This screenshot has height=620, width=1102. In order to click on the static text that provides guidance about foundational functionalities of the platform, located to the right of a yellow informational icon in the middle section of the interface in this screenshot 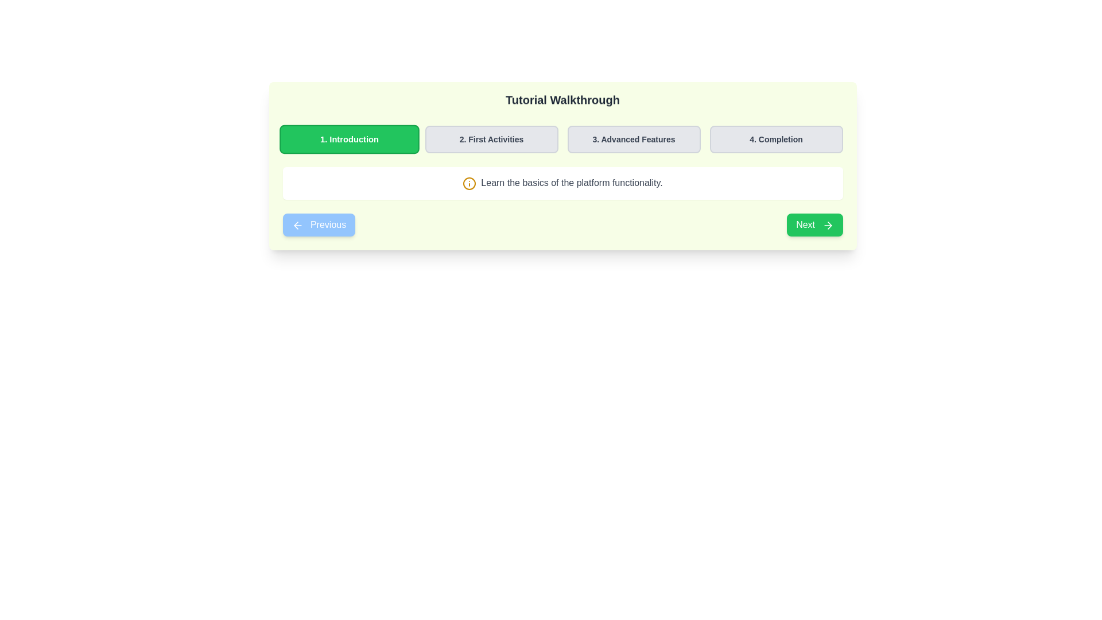, I will do `click(572, 182)`.